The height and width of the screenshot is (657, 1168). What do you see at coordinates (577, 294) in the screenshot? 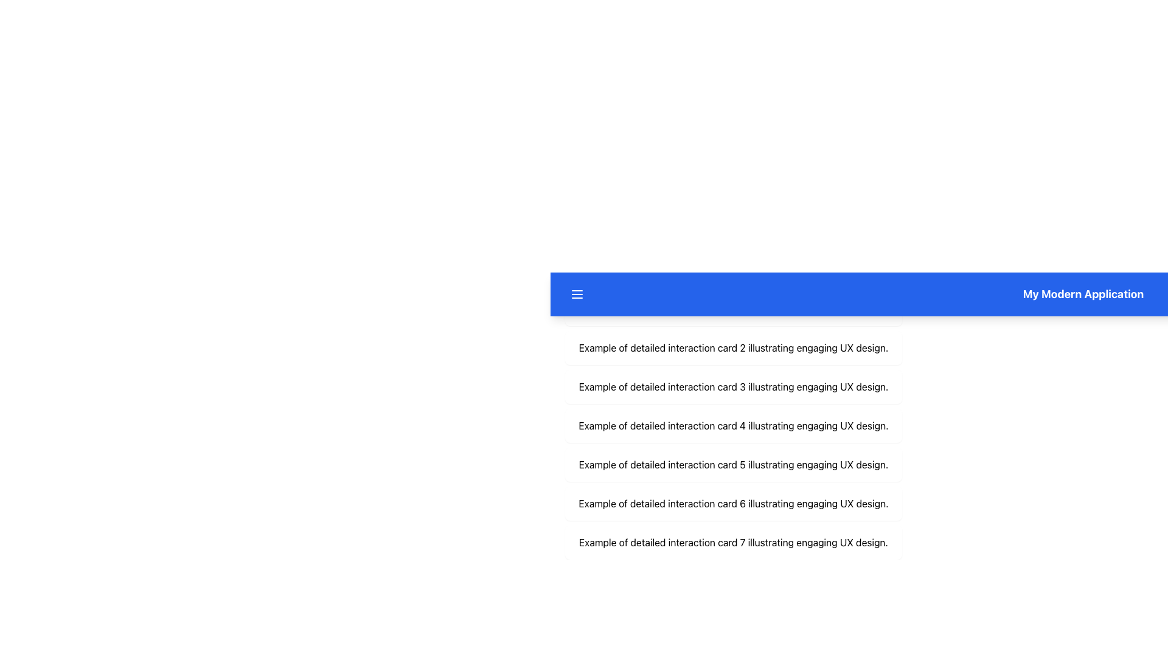
I see `the round menu button located at the top-left corner of the blue header bar` at bounding box center [577, 294].